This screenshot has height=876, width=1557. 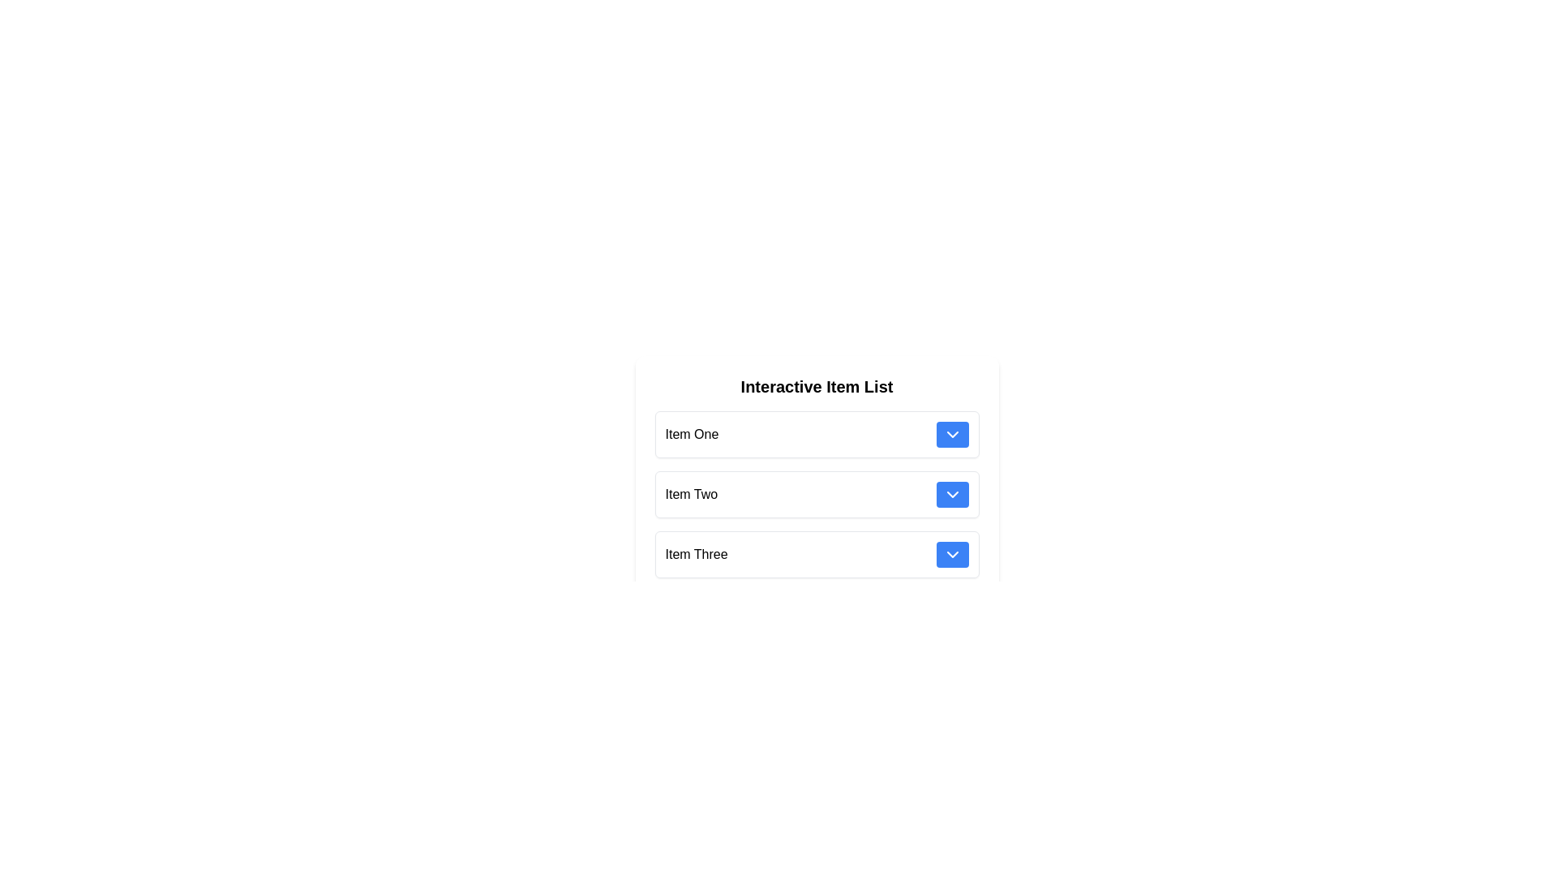 I want to click on the chevron icon in the dropdown button associated with 'Item Two', so click(x=952, y=493).